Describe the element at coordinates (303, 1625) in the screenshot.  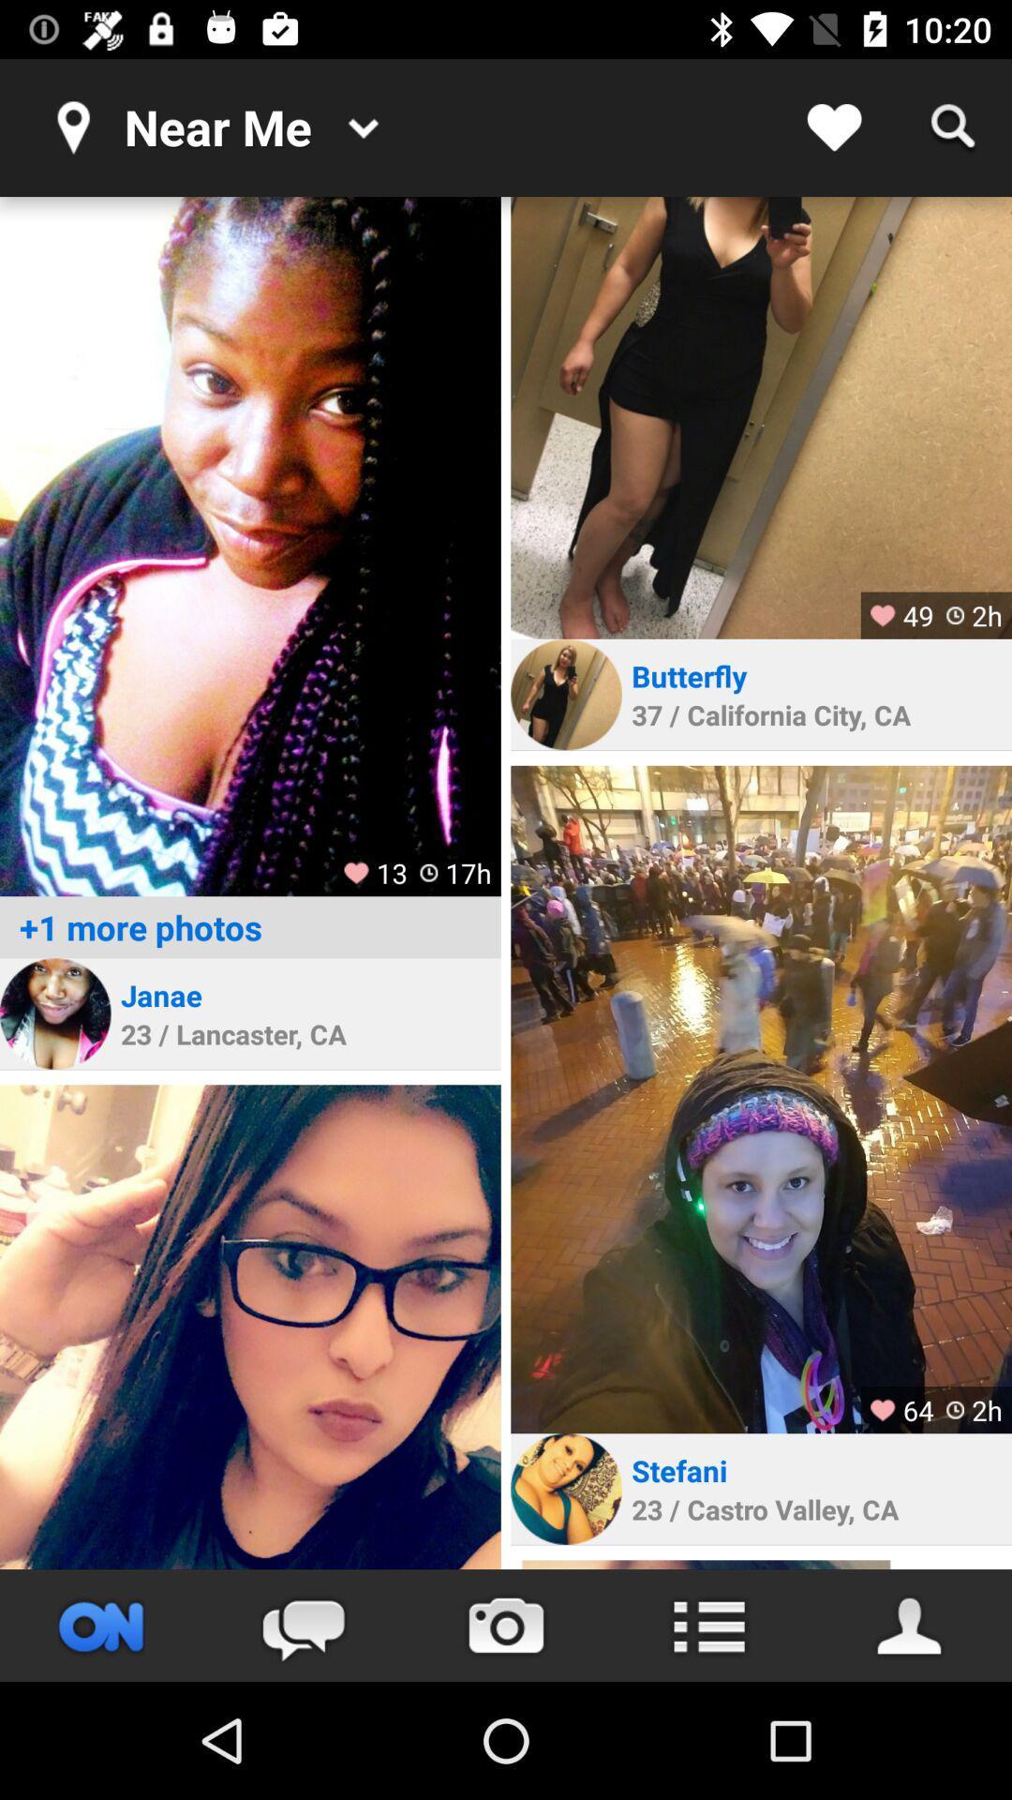
I see `access messaging` at that location.